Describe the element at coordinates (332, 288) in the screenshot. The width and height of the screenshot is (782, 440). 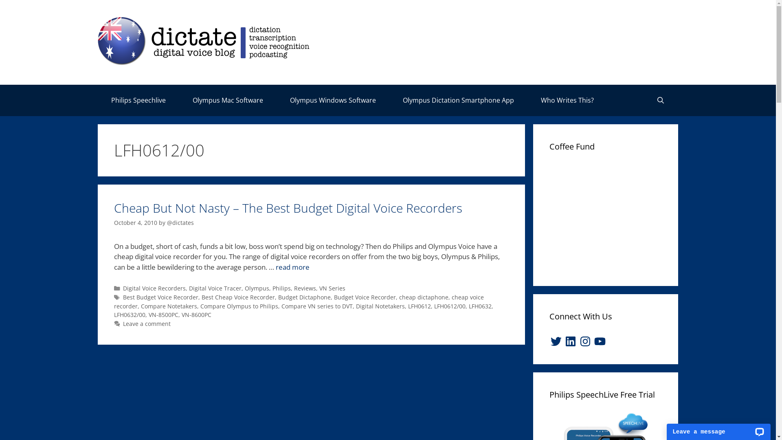
I see `'VN Series'` at that location.